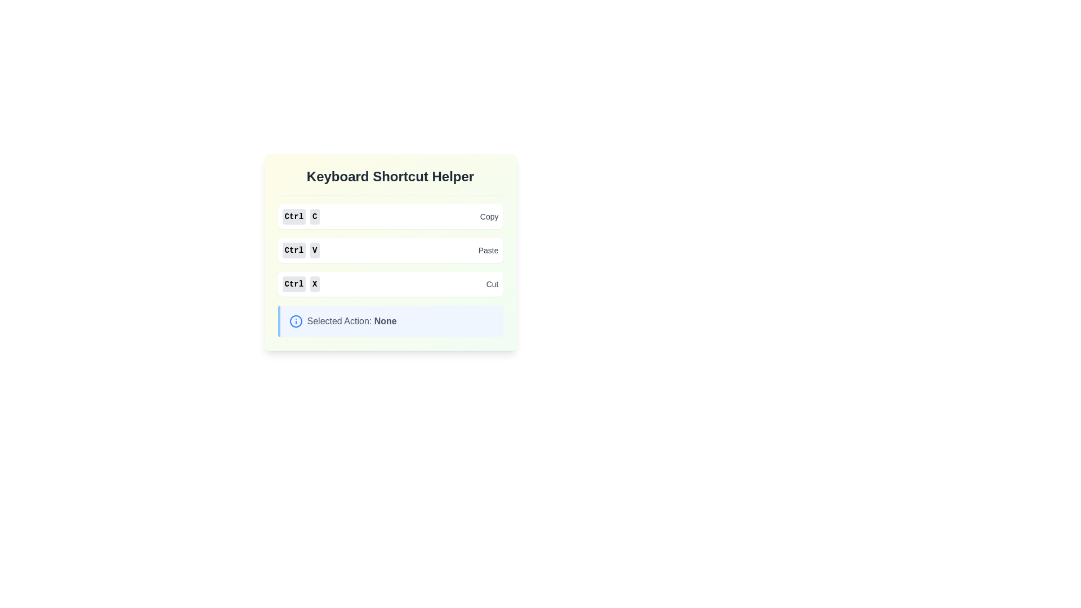  I want to click on the static text label displaying the word 'Cut', so click(492, 284).